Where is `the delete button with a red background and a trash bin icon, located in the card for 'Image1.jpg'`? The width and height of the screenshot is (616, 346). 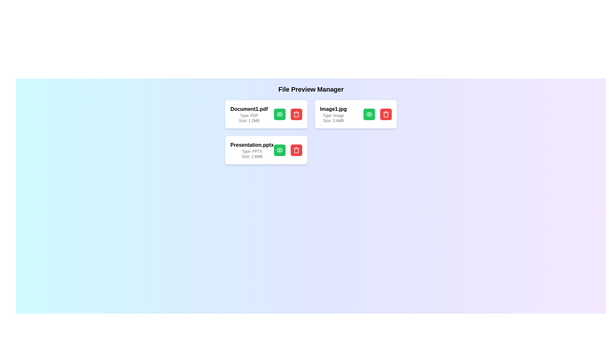 the delete button with a red background and a trash bin icon, located in the card for 'Image1.jpg' is located at coordinates (385, 114).